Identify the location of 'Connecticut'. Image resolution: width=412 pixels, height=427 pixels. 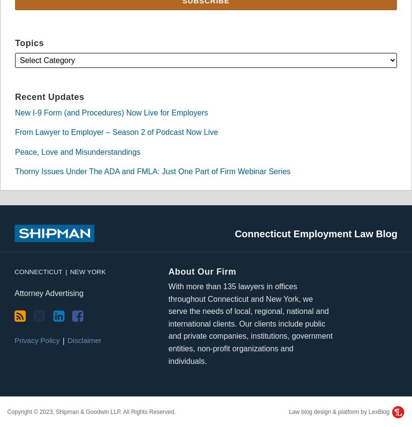
(38, 271).